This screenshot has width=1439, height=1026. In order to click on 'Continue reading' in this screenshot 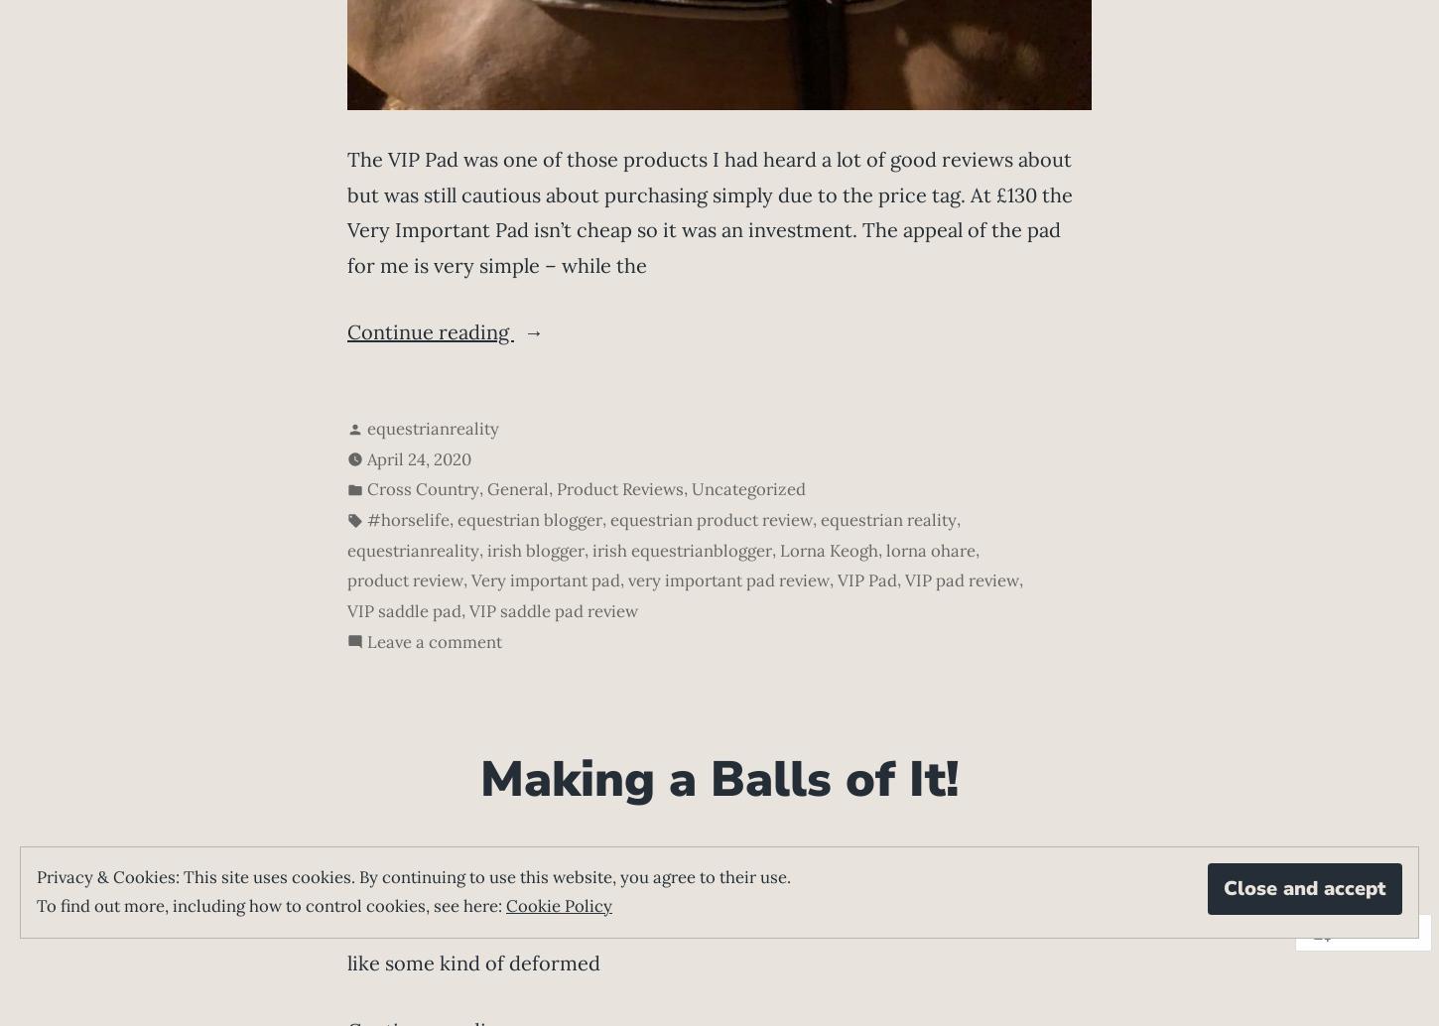, I will do `click(347, 330)`.